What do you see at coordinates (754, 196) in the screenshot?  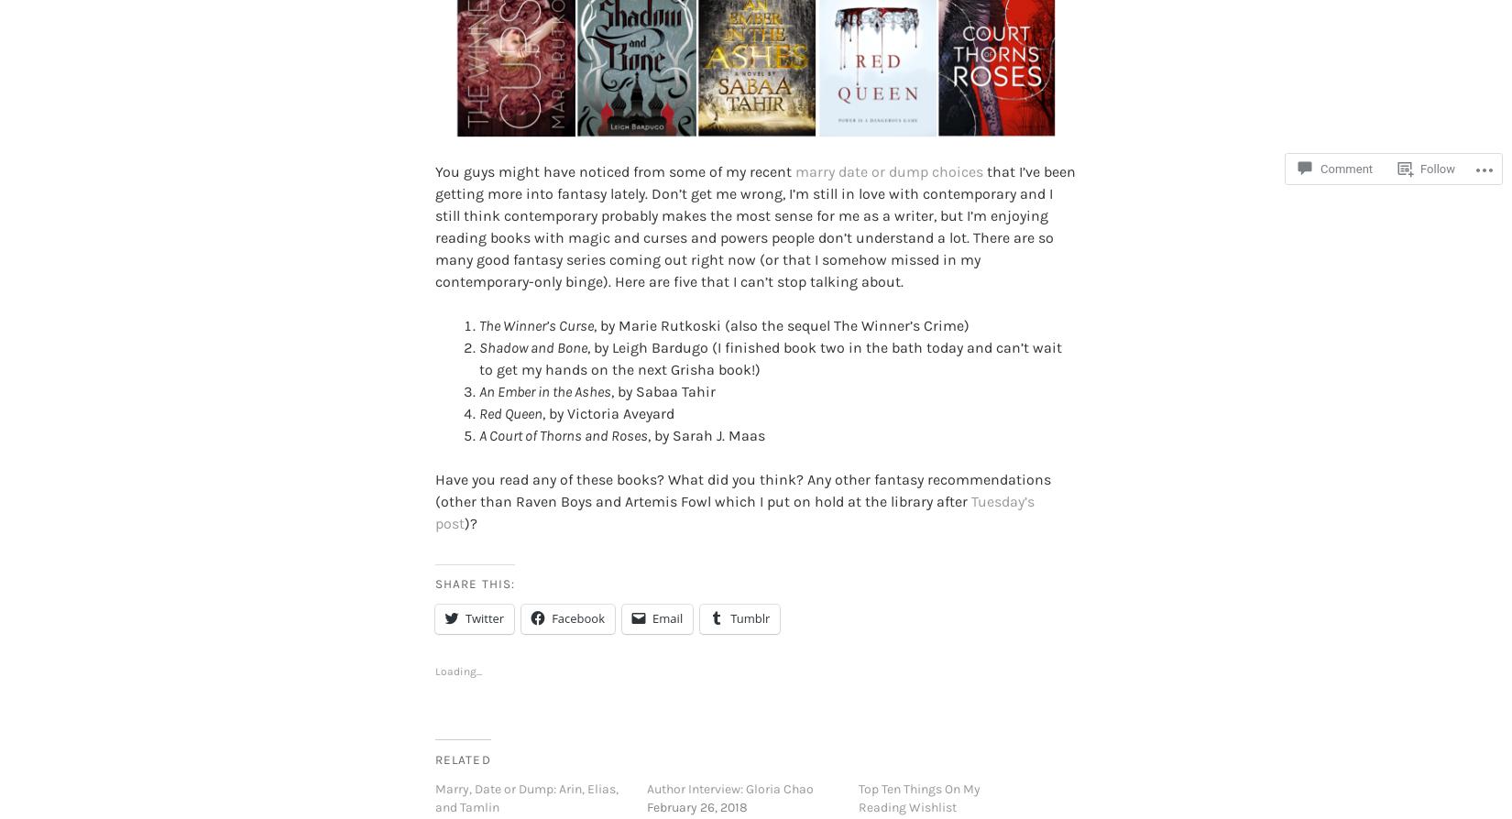 I see `'that I’ve been getting more into fantasy lately. Don’t get me wrong, I’m still in love with contemporary and I still think contemporary probably makes the most sense for me as a writer, but I’m enjoying reading books with magic and curses and powers people don’t understand a lot. There are so many good fantasy series coming out right now (or that I somehow missed in my contemporary-only binge). Here are five that I can’t stop talking about.'` at bounding box center [754, 196].